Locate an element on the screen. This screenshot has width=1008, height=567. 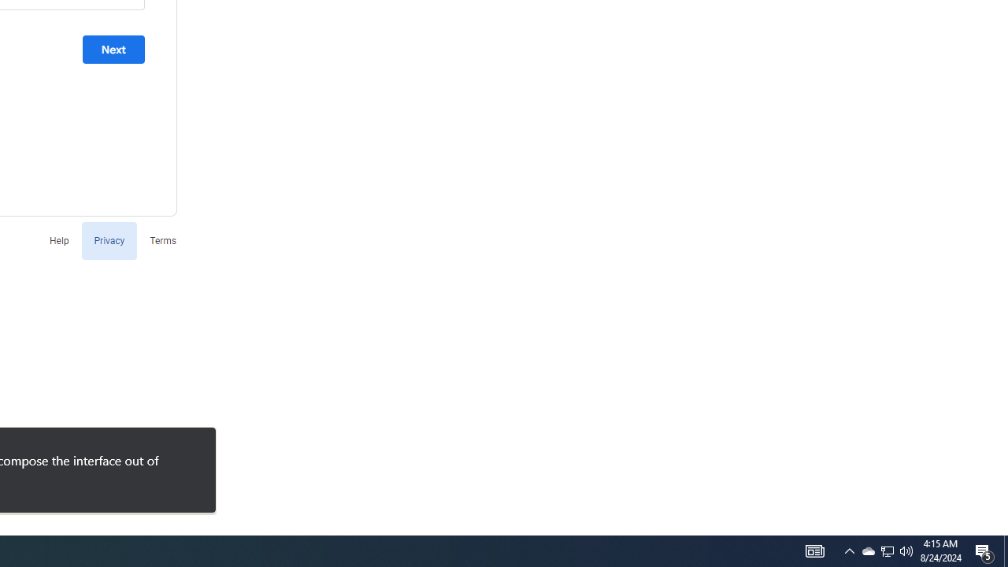
'Help' is located at coordinates (58, 240).